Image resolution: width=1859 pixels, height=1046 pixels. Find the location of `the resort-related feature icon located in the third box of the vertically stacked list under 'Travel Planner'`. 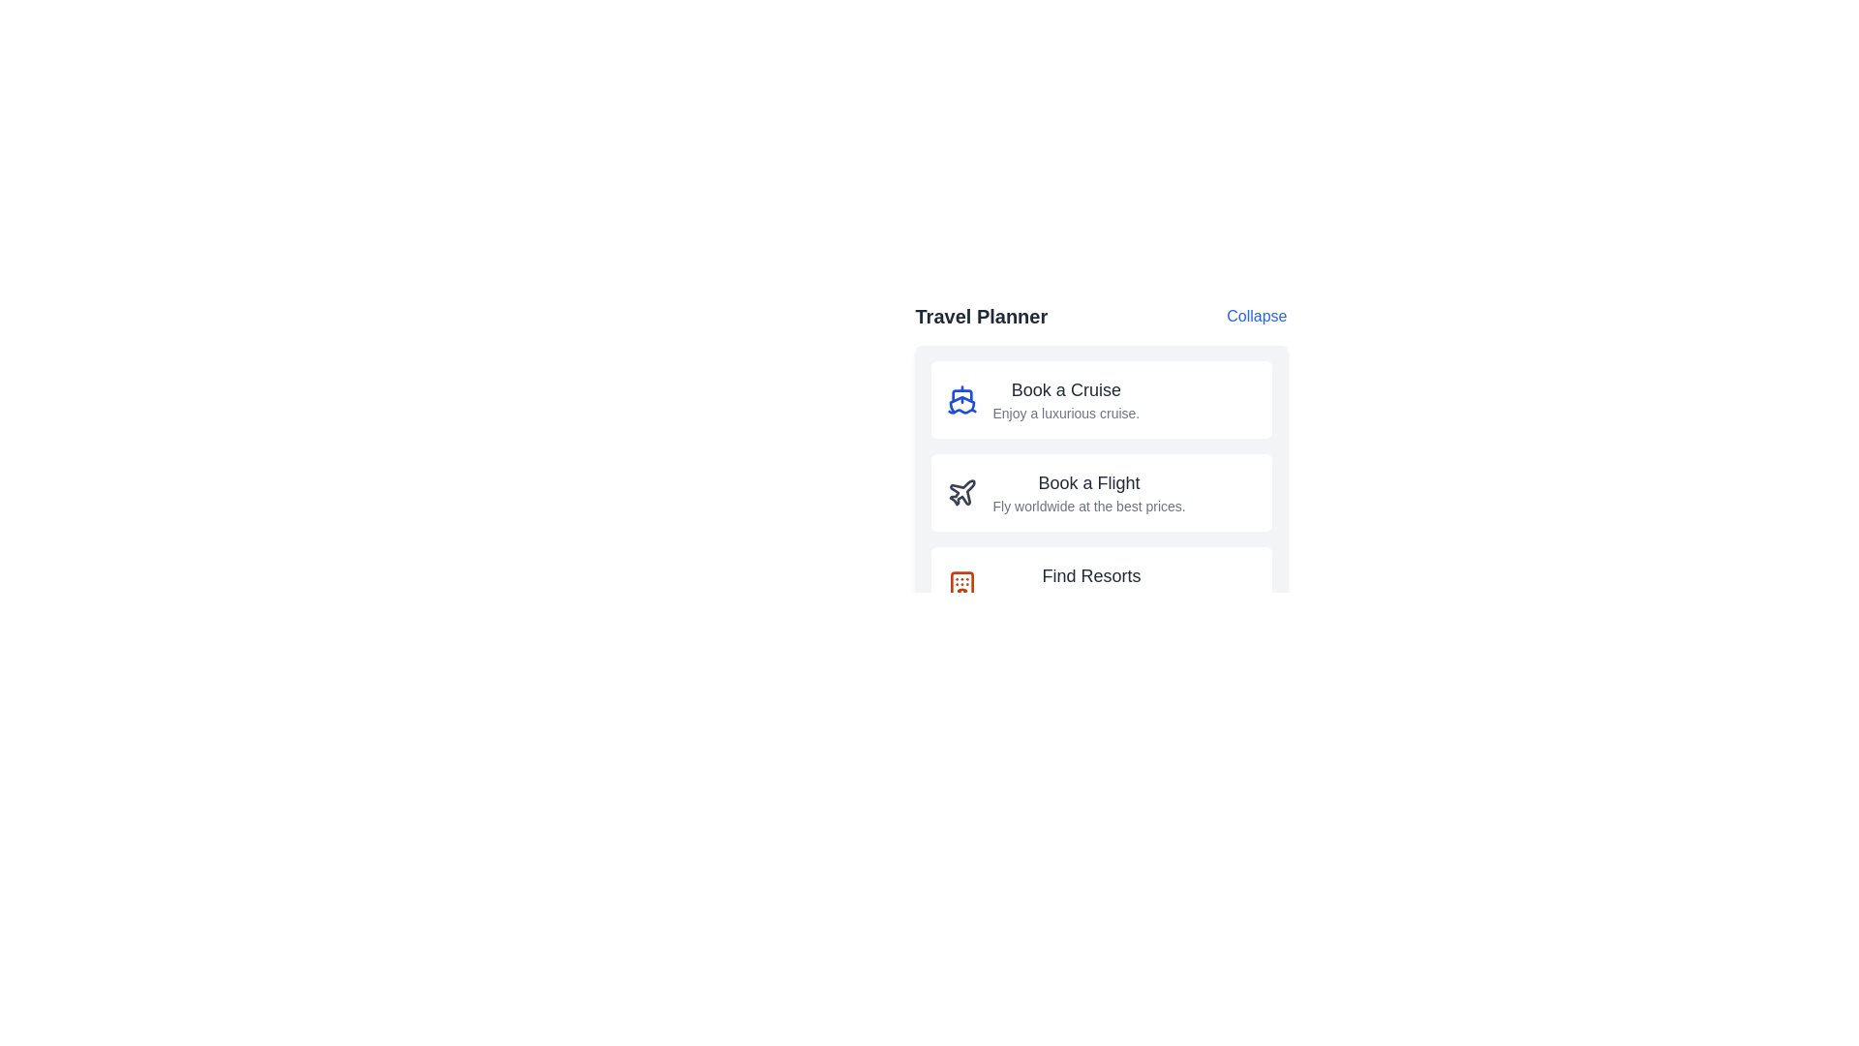

the resort-related feature icon located in the third box of the vertically stacked list under 'Travel Planner' is located at coordinates (961, 585).